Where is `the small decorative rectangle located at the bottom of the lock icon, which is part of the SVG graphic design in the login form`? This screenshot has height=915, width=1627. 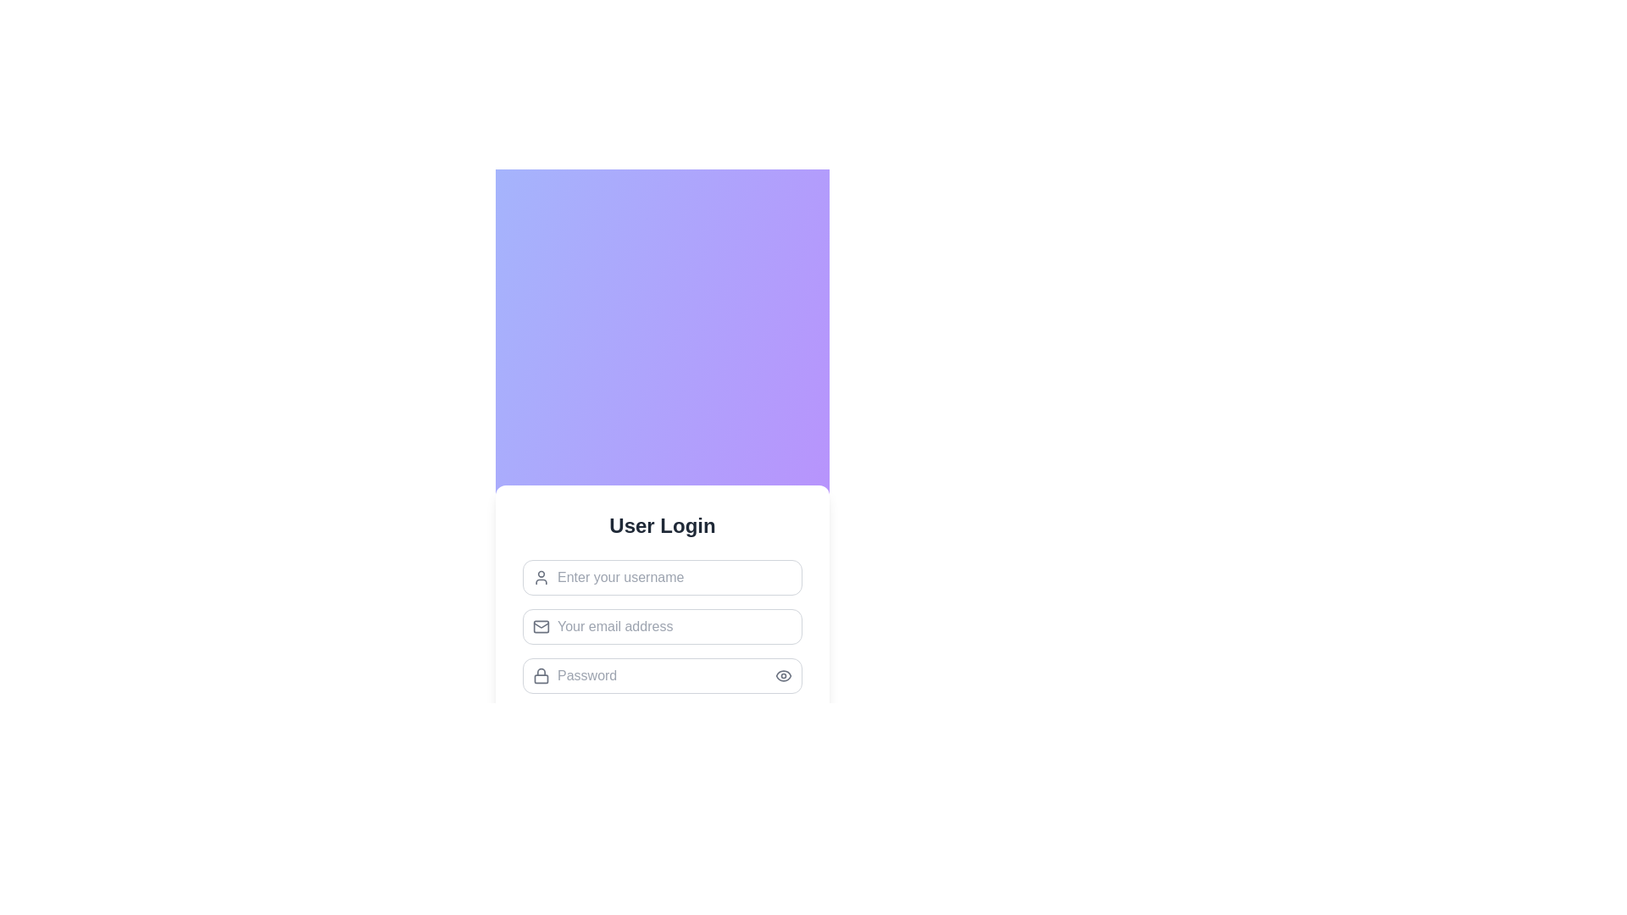 the small decorative rectangle located at the bottom of the lock icon, which is part of the SVG graphic design in the login form is located at coordinates (540, 678).